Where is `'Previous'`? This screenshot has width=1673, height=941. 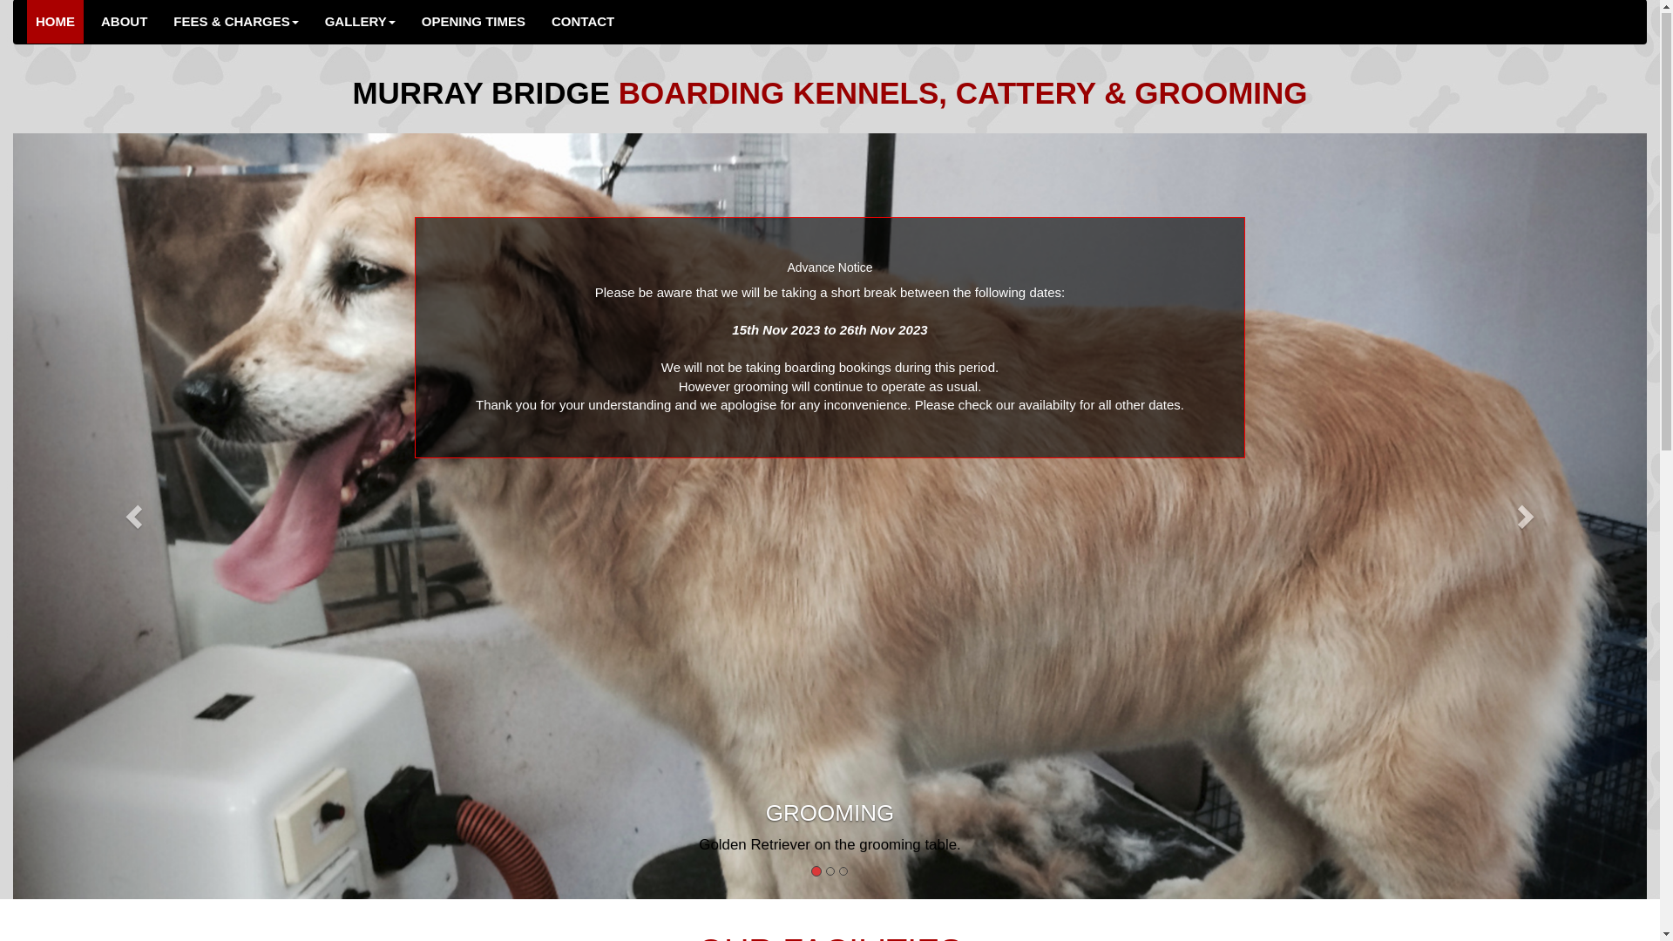
'Previous' is located at coordinates (134, 516).